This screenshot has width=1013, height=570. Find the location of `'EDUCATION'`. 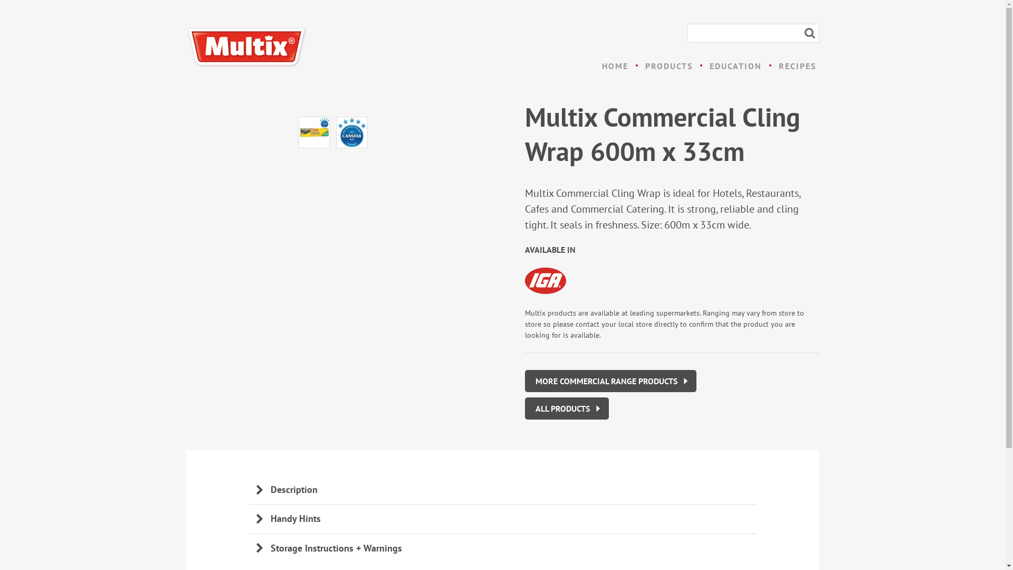

'EDUCATION' is located at coordinates (734, 65).